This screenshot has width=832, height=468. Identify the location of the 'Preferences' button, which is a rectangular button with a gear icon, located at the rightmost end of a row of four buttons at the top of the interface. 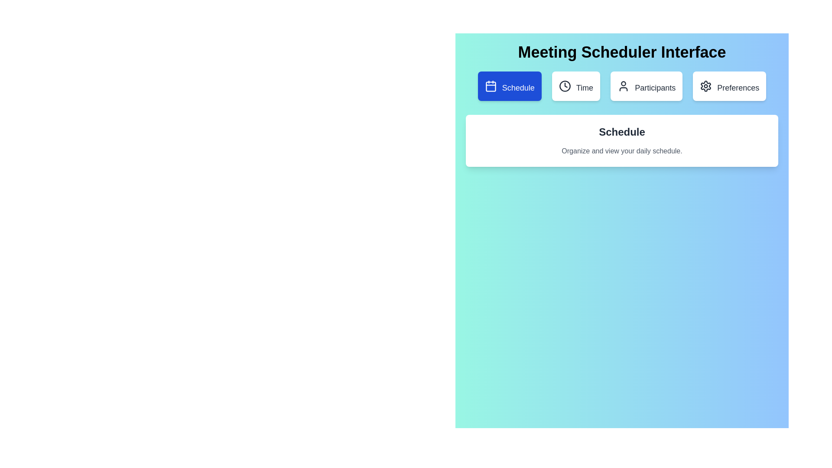
(729, 86).